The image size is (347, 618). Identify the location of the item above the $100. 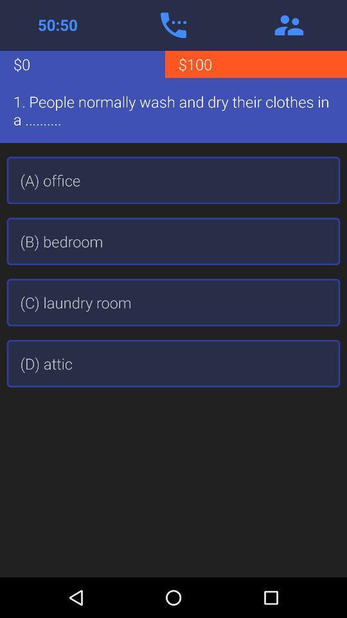
(289, 24).